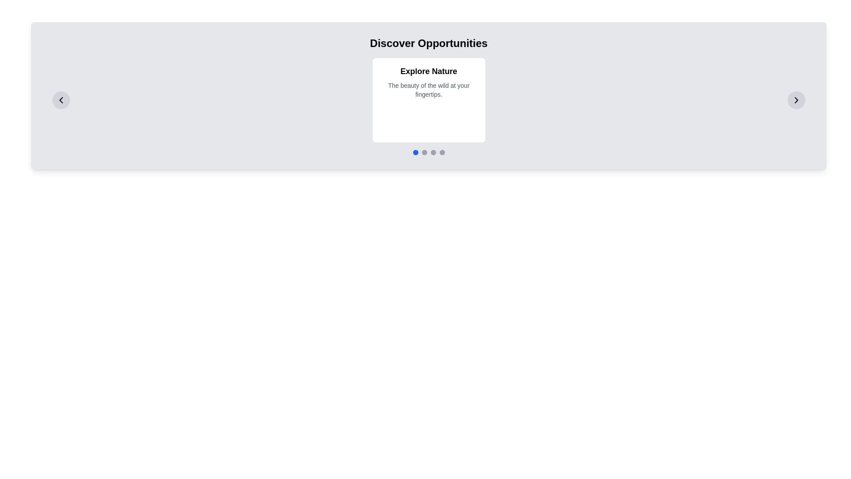 The image size is (851, 479). I want to click on the fourth navigation dot of the carousel, so click(442, 152).